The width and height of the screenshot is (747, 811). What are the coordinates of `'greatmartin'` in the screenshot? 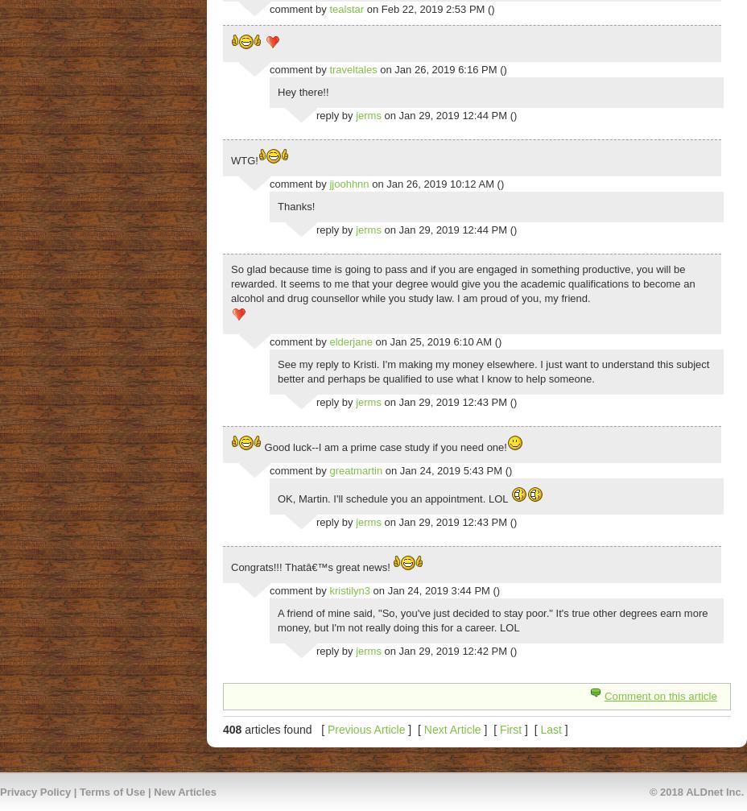 It's located at (356, 470).